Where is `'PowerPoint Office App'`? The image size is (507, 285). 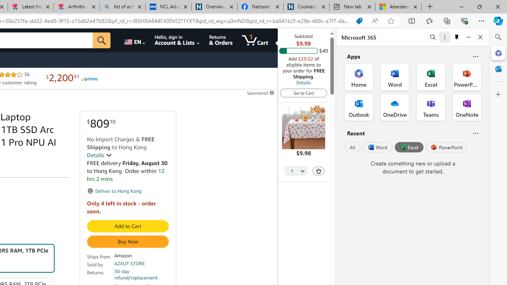 'PowerPoint Office App' is located at coordinates (467, 77).